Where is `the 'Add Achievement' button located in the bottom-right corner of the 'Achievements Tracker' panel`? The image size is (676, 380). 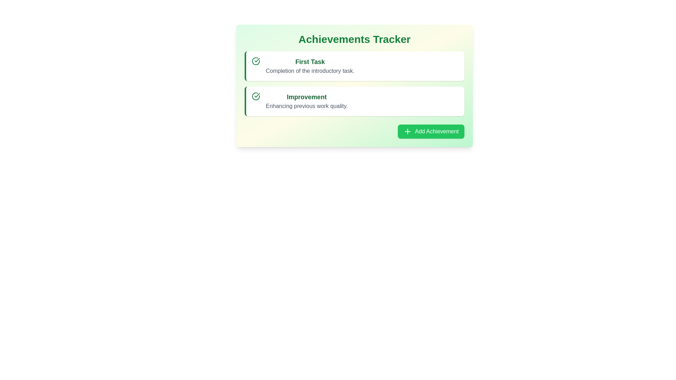 the 'Add Achievement' button located in the bottom-right corner of the 'Achievements Tracker' panel is located at coordinates (431, 132).